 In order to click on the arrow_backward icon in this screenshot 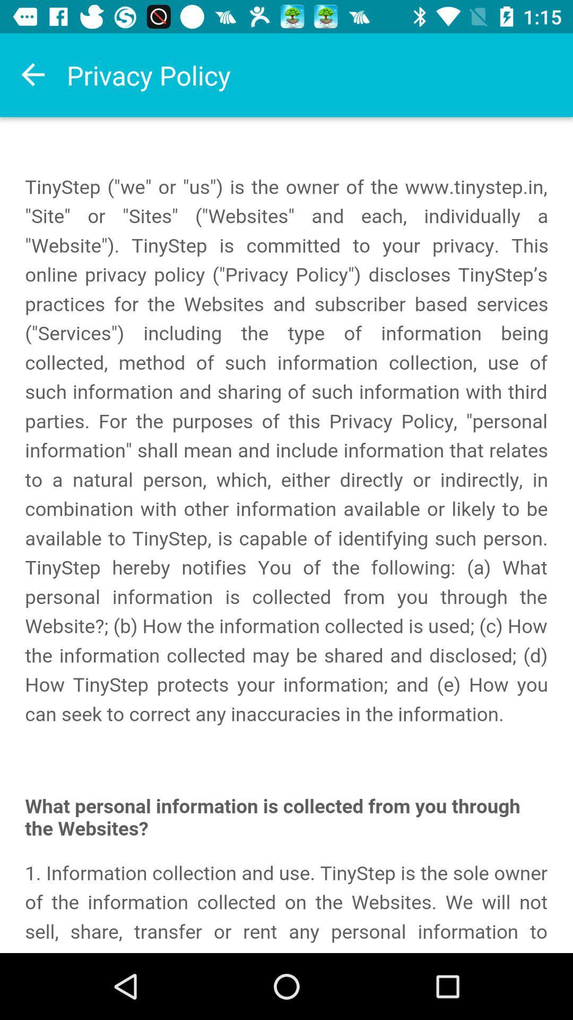, I will do `click(32, 74)`.